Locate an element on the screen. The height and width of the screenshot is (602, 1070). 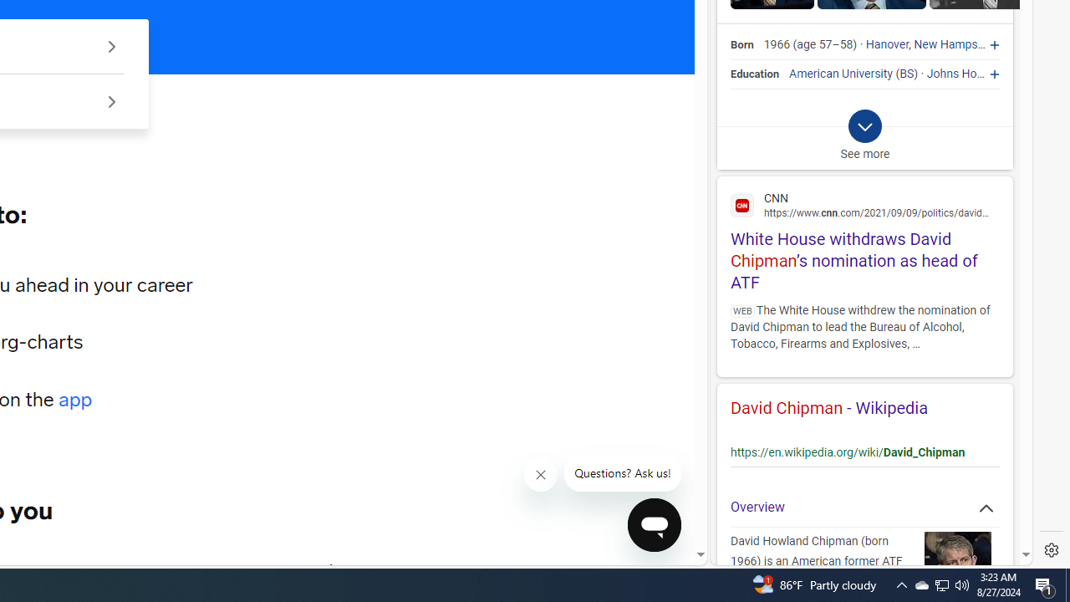
'American University' is located at coordinates (841, 73).